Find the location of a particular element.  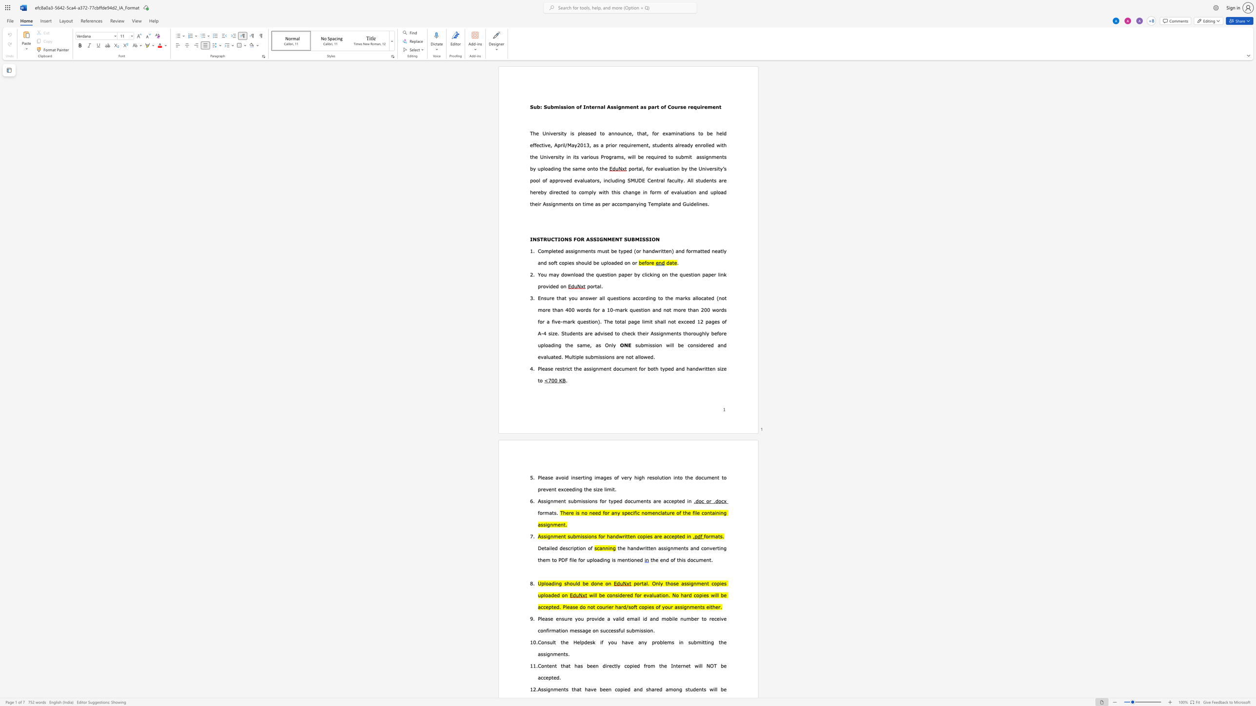

the space between the continuous character "i" and "t" in the text is located at coordinates (690, 156).